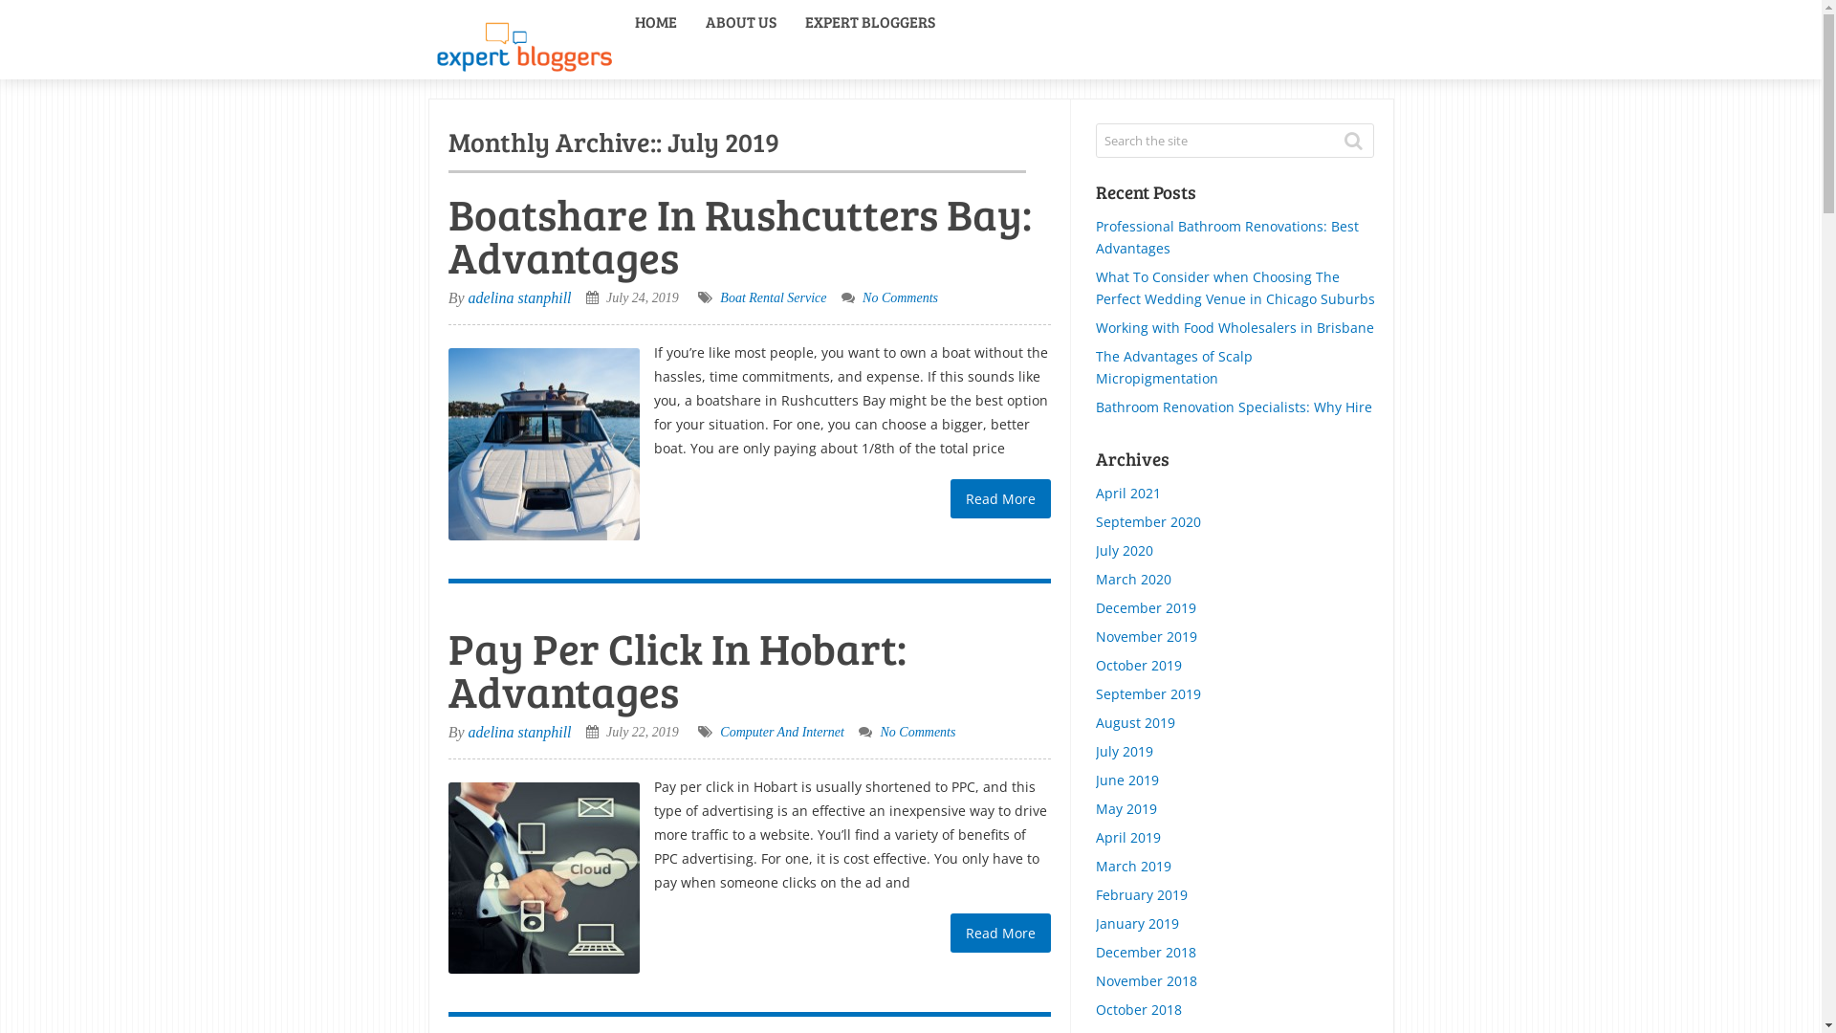  What do you see at coordinates (1147, 693) in the screenshot?
I see `'September 2019'` at bounding box center [1147, 693].